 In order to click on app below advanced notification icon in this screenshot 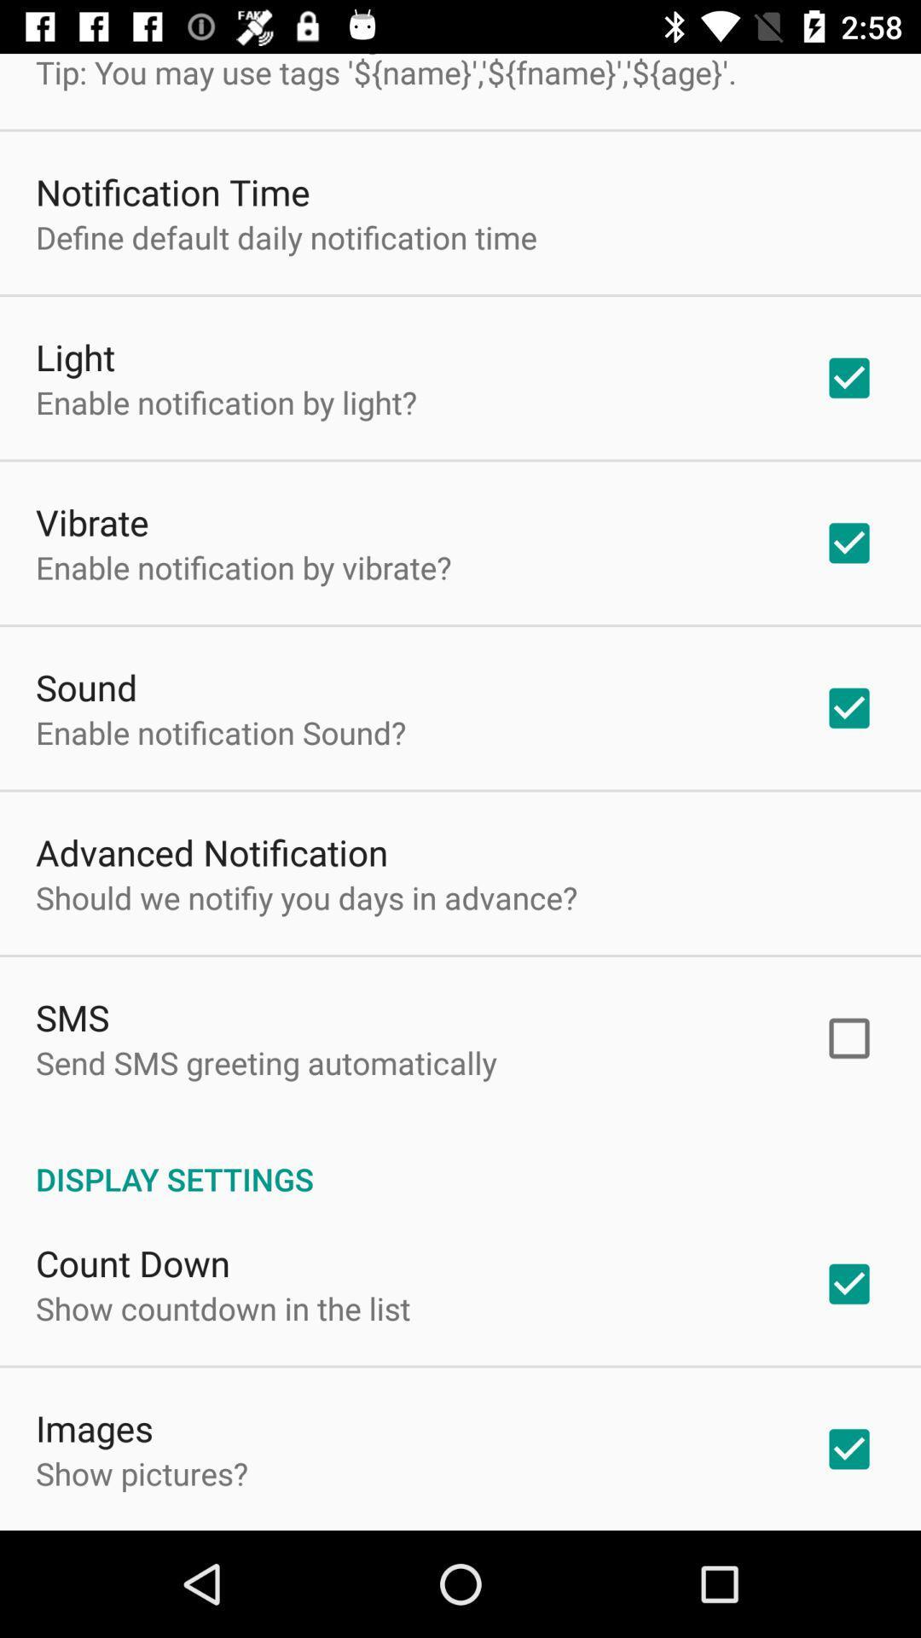, I will do `click(305, 897)`.